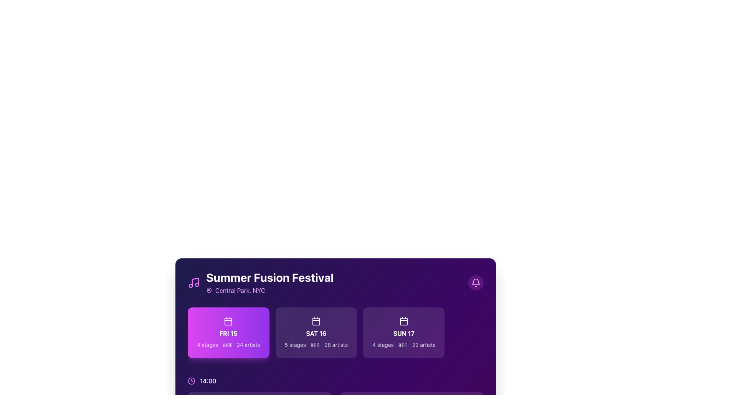  What do you see at coordinates (475, 283) in the screenshot?
I see `the notification icon located in the top-right corner of the purple festival information card` at bounding box center [475, 283].